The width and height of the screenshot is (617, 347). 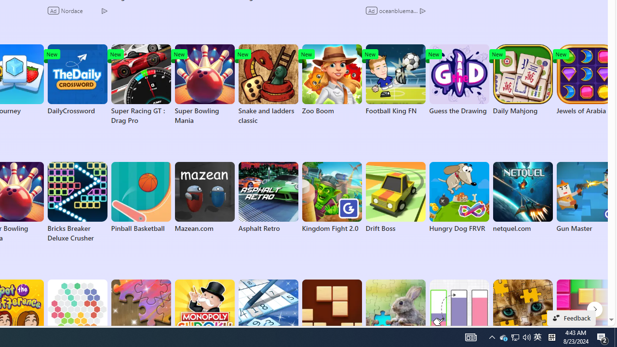 I want to click on 'Kingdom Fight 2.0', so click(x=332, y=197).